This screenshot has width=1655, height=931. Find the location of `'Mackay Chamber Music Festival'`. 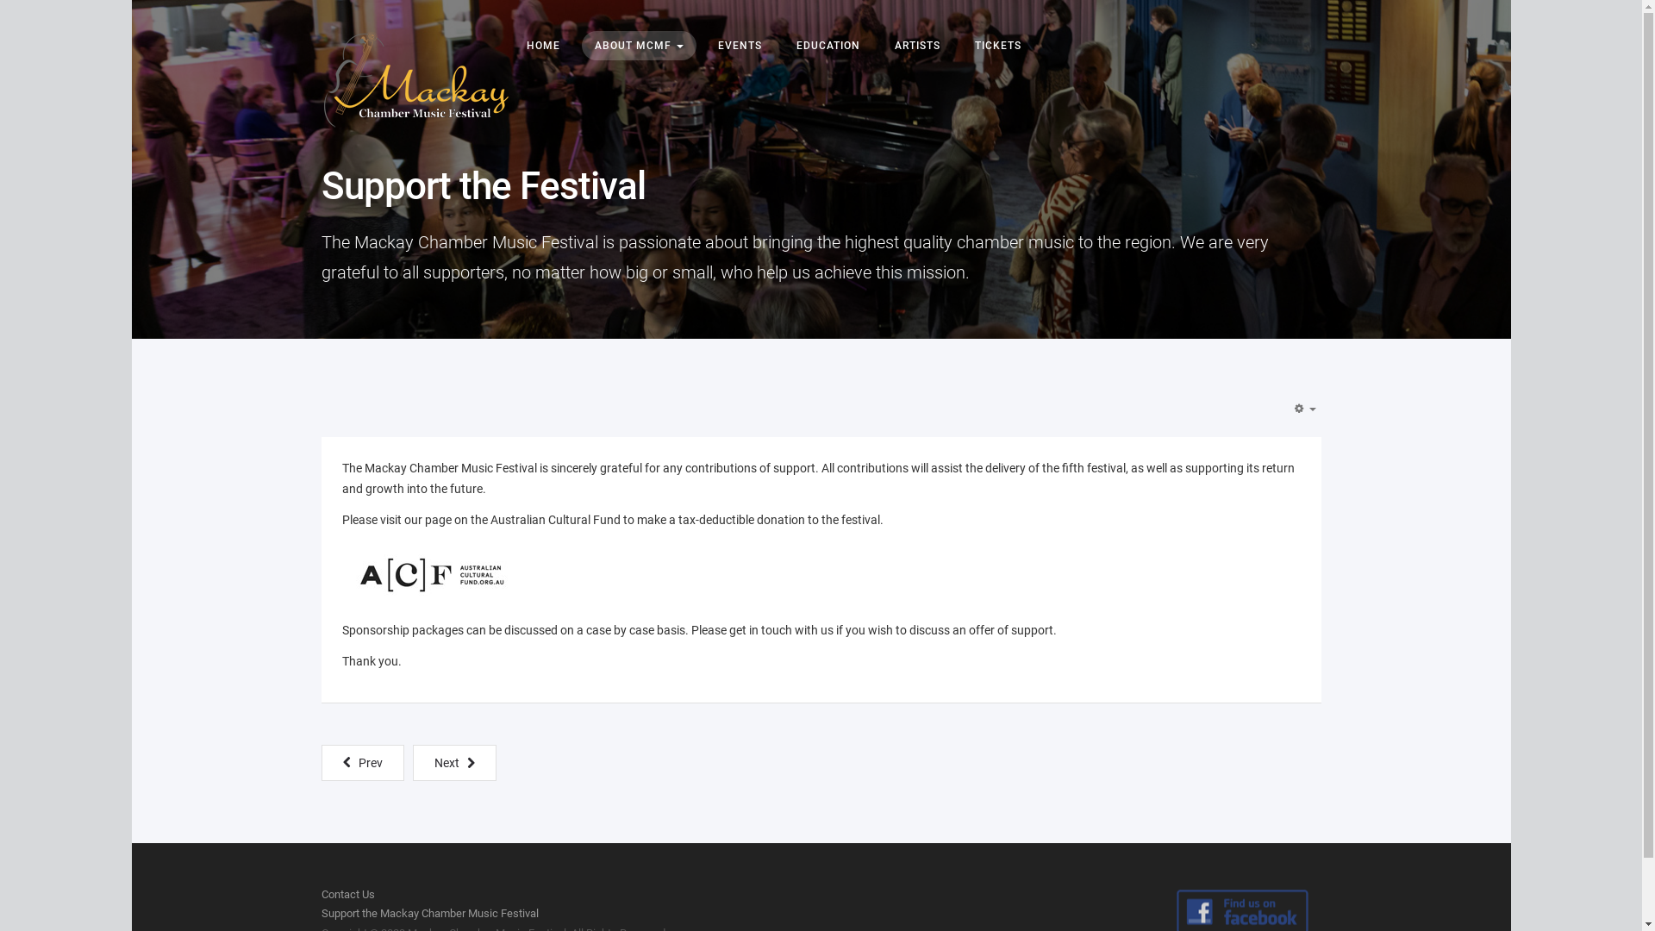

'Mackay Chamber Music Festival' is located at coordinates (415, 79).